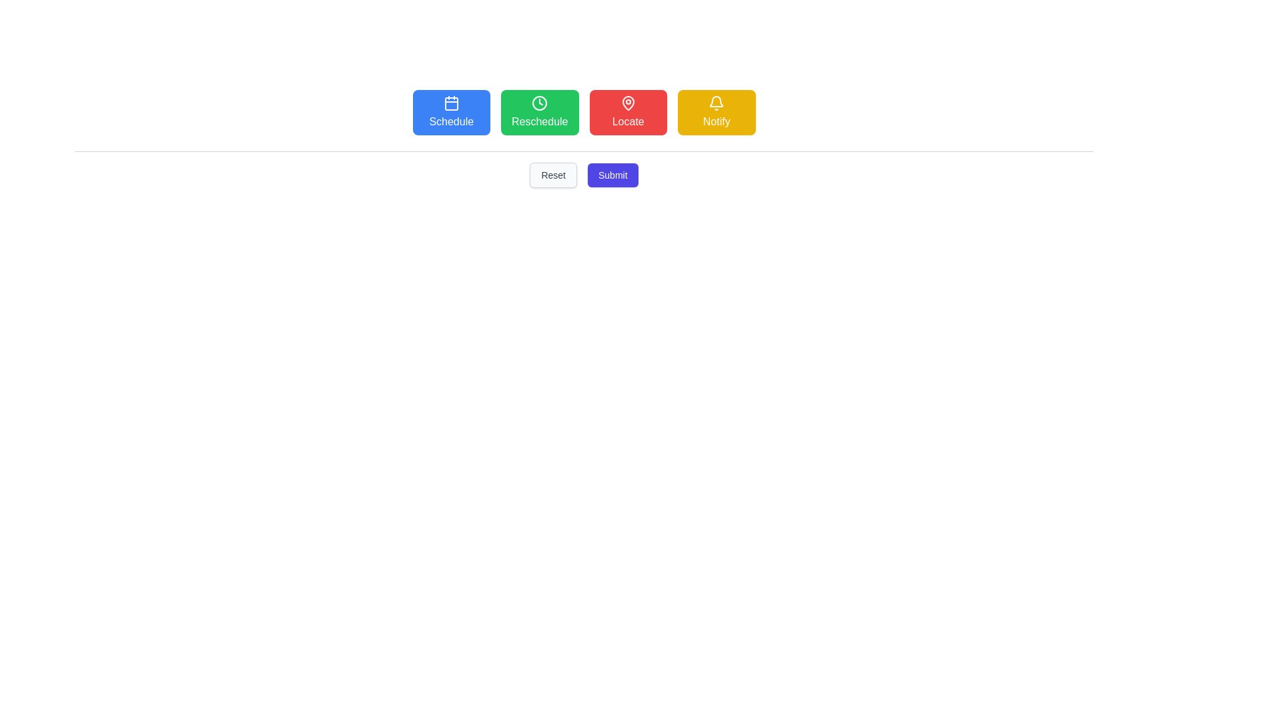 The image size is (1281, 720). What do you see at coordinates (540, 102) in the screenshot?
I see `the circular clock icon with a green background, which is located in the center above the 'Reschedule' text label within the Reschedule button` at bounding box center [540, 102].